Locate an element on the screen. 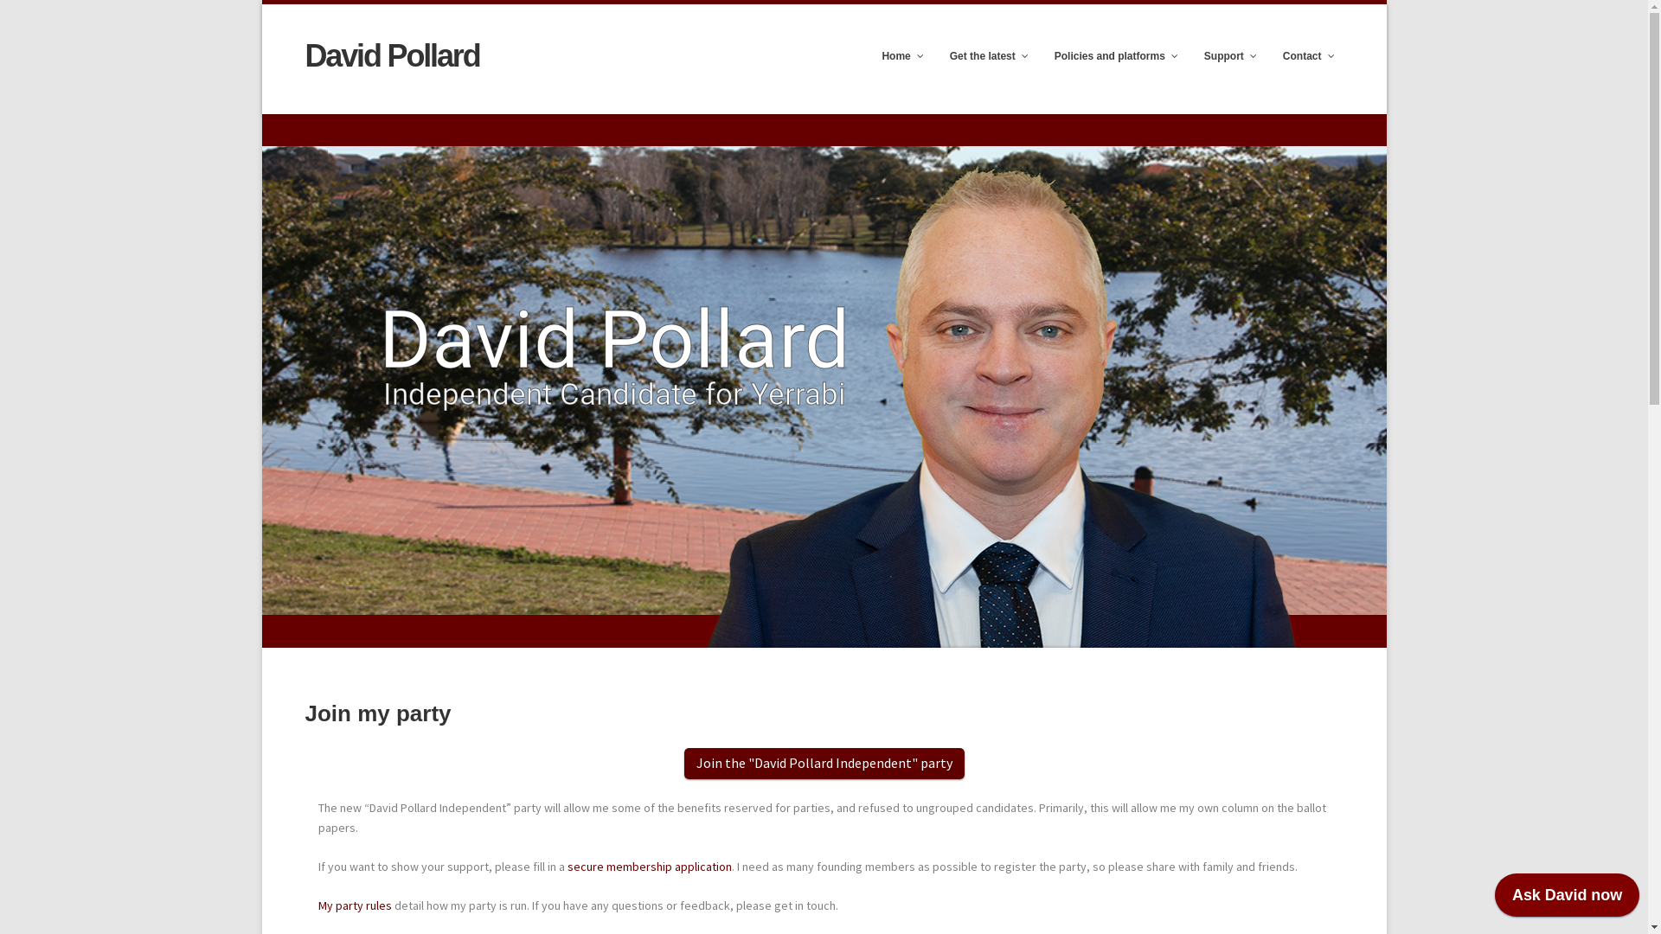 The height and width of the screenshot is (934, 1661). 'Home' is located at coordinates (863, 55).